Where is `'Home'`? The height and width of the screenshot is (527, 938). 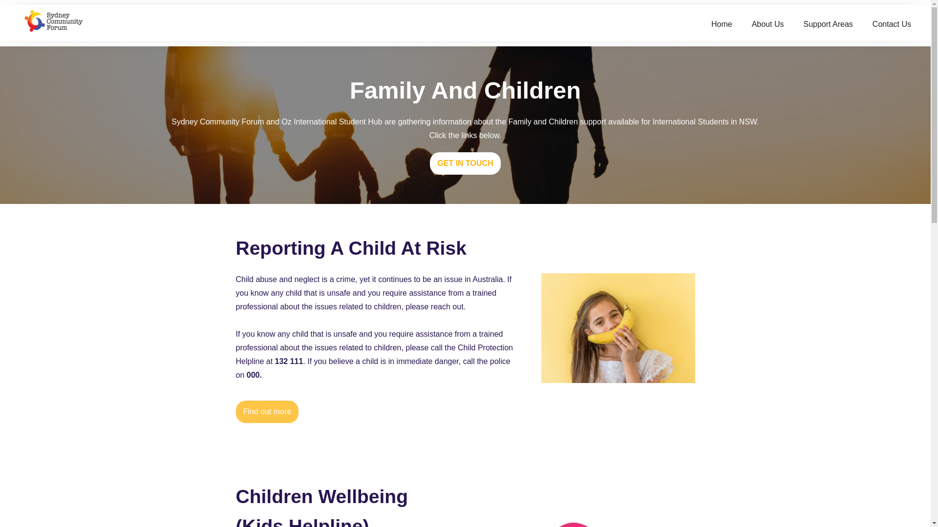 'Home' is located at coordinates (722, 24).